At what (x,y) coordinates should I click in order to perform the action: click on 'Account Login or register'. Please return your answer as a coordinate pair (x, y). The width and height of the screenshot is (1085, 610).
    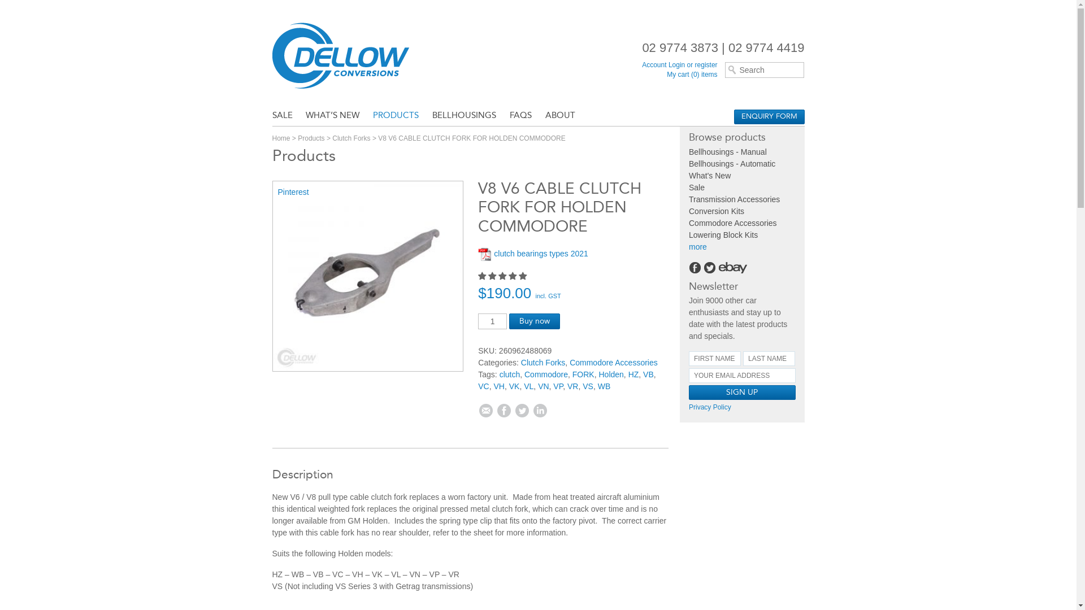
    Looking at the image, I should click on (642, 65).